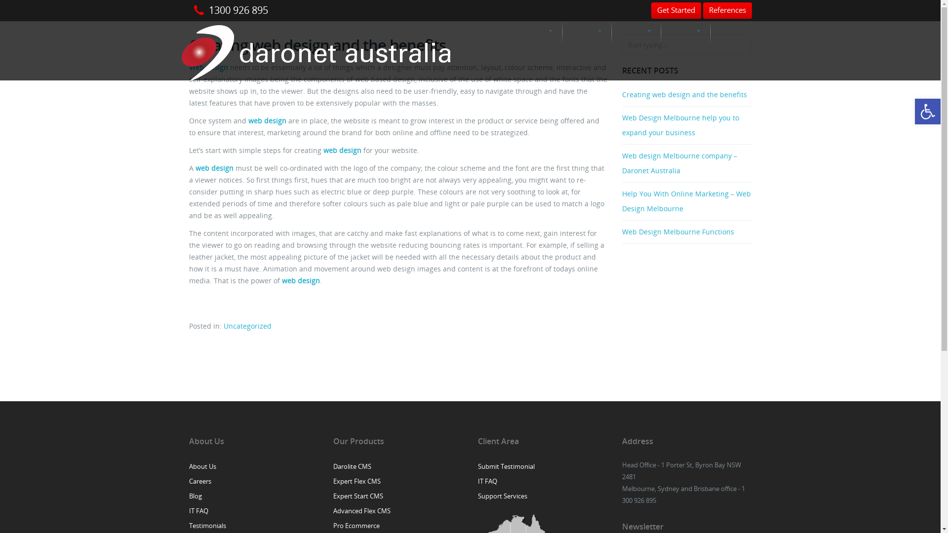 The width and height of the screenshot is (948, 533). What do you see at coordinates (621, 95) in the screenshot?
I see `'Creating web design and the benefits'` at bounding box center [621, 95].